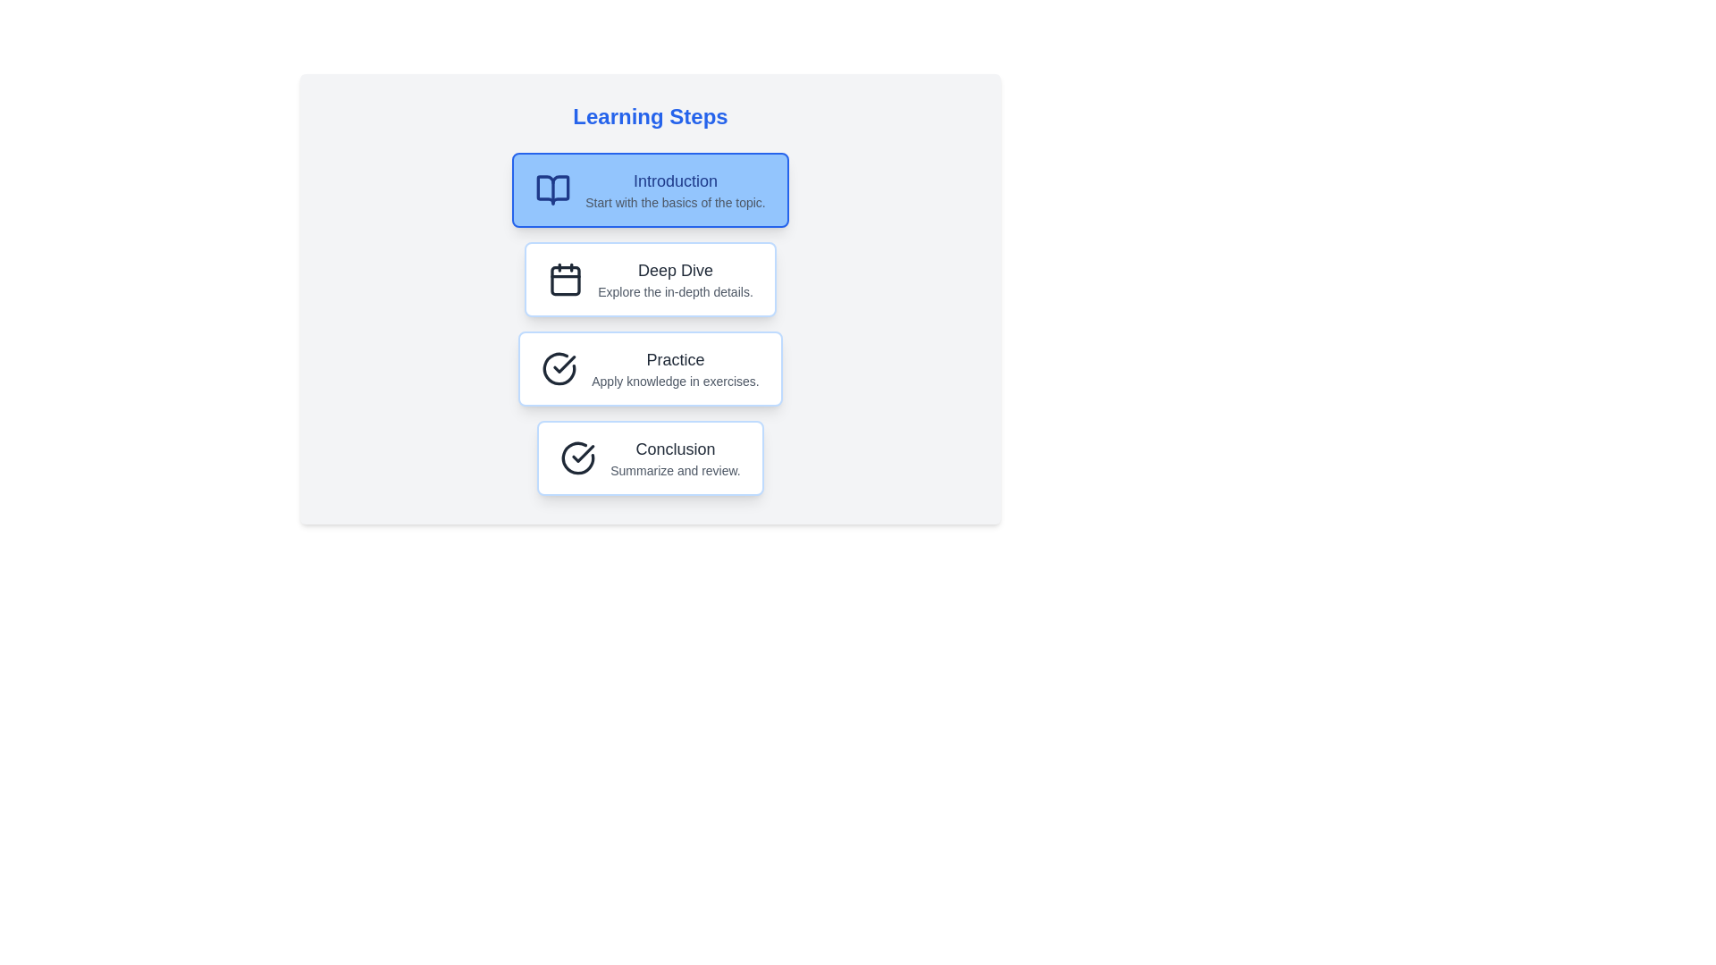 This screenshot has height=965, width=1716. I want to click on the blue icon resembling an open book, which is located at the center-left of the highlighted rectangular section labeled 'Introduction.', so click(552, 189).